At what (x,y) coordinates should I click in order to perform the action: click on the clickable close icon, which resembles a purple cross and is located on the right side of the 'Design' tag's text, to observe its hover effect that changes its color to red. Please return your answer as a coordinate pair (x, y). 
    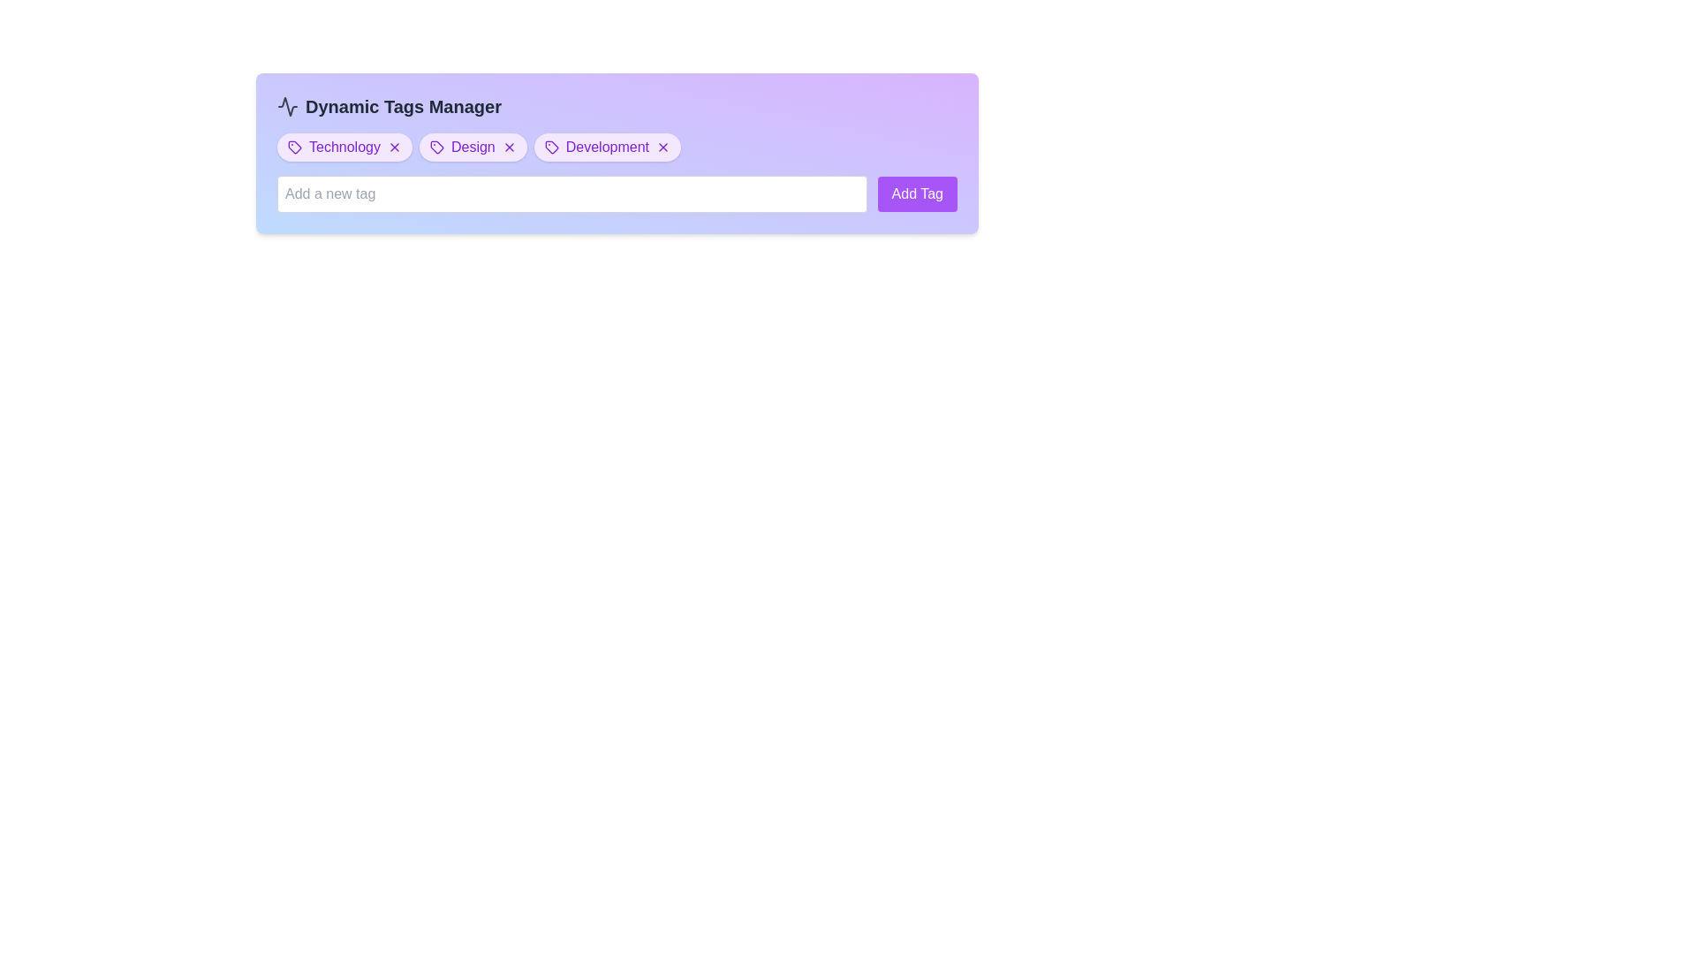
    Looking at the image, I should click on (508, 146).